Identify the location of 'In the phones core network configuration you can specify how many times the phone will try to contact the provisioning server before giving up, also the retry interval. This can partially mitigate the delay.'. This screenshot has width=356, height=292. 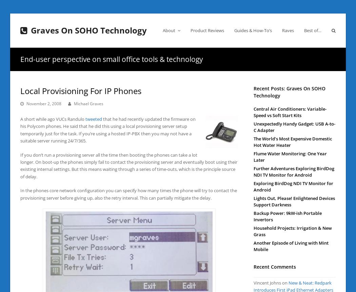
(128, 194).